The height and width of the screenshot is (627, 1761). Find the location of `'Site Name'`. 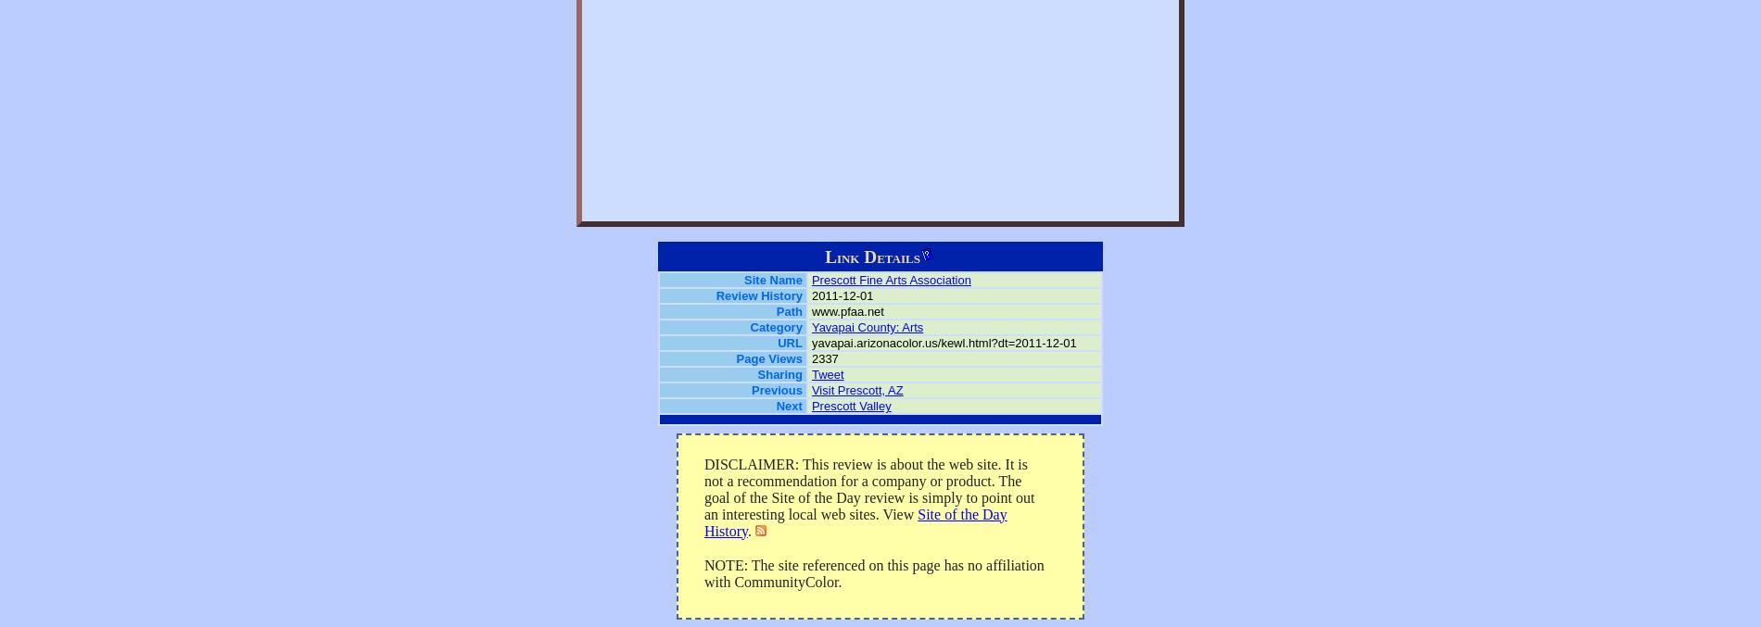

'Site Name' is located at coordinates (771, 279).